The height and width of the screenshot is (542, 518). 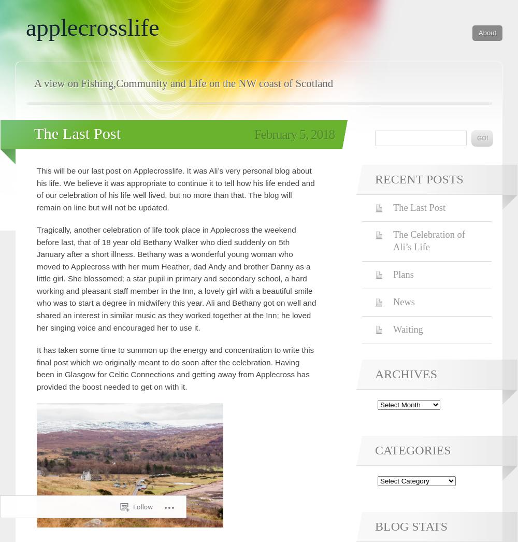 I want to click on 'Categories', so click(x=375, y=449).